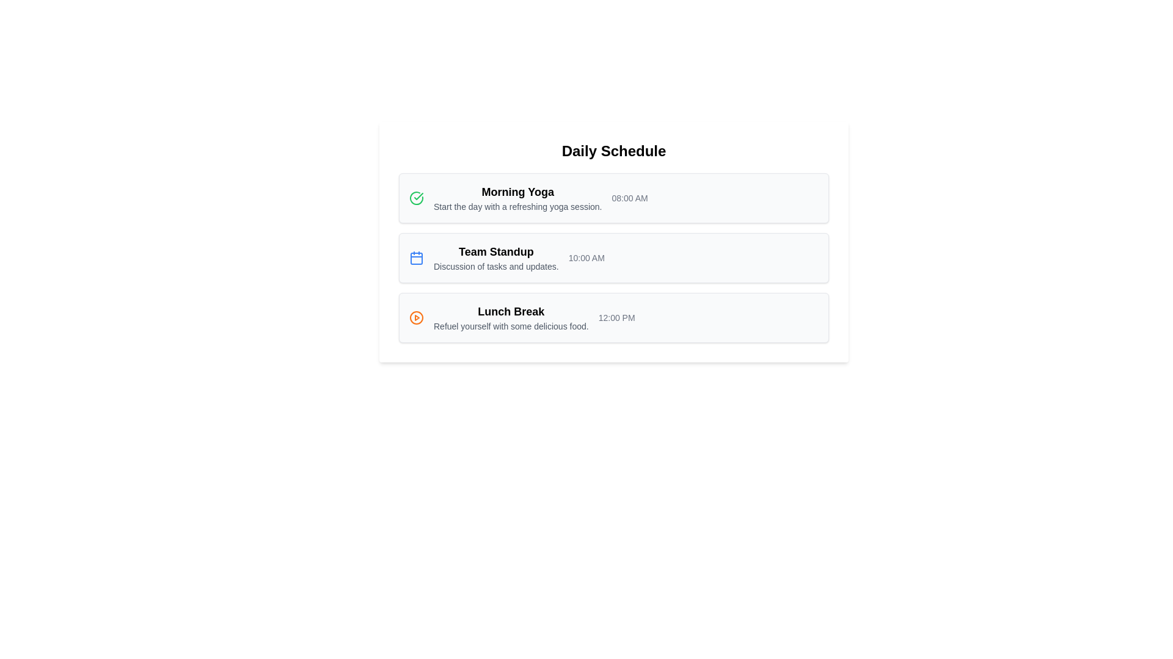  What do you see at coordinates (517, 197) in the screenshot?
I see `text block titled 'Morning Yoga' along with its description in the 'Daily Schedule' section, located between a checkmark icon and a time indicator '08:00 AM'` at bounding box center [517, 197].